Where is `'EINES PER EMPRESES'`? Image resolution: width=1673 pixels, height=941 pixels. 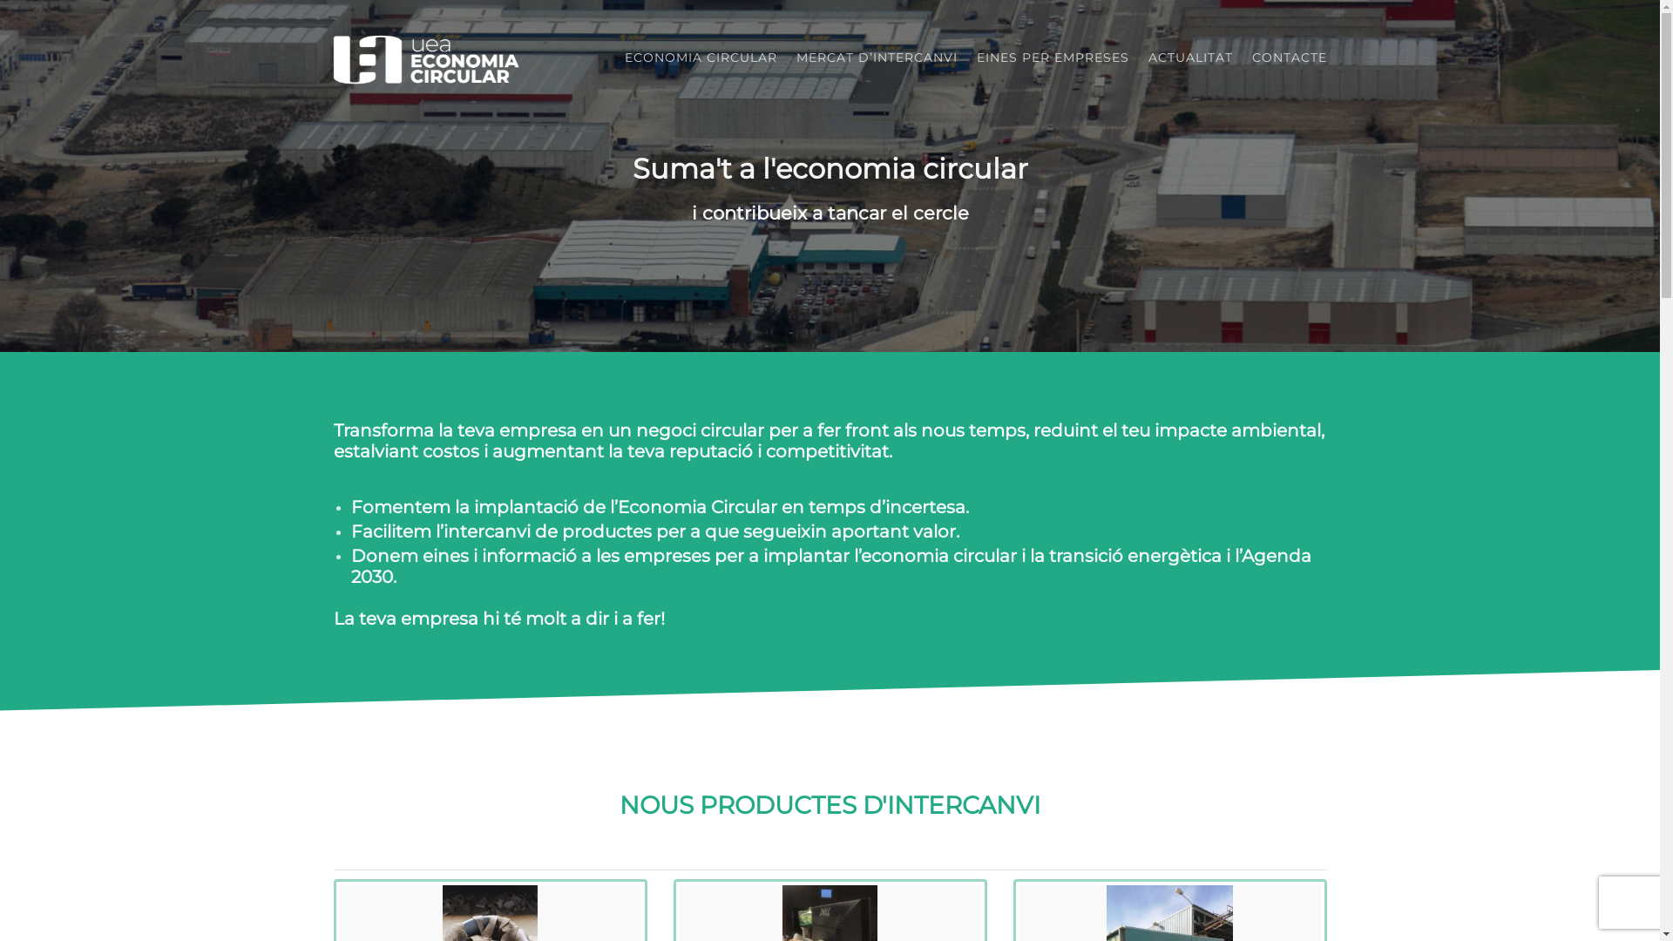 'EINES PER EMPRESES' is located at coordinates (1052, 56).